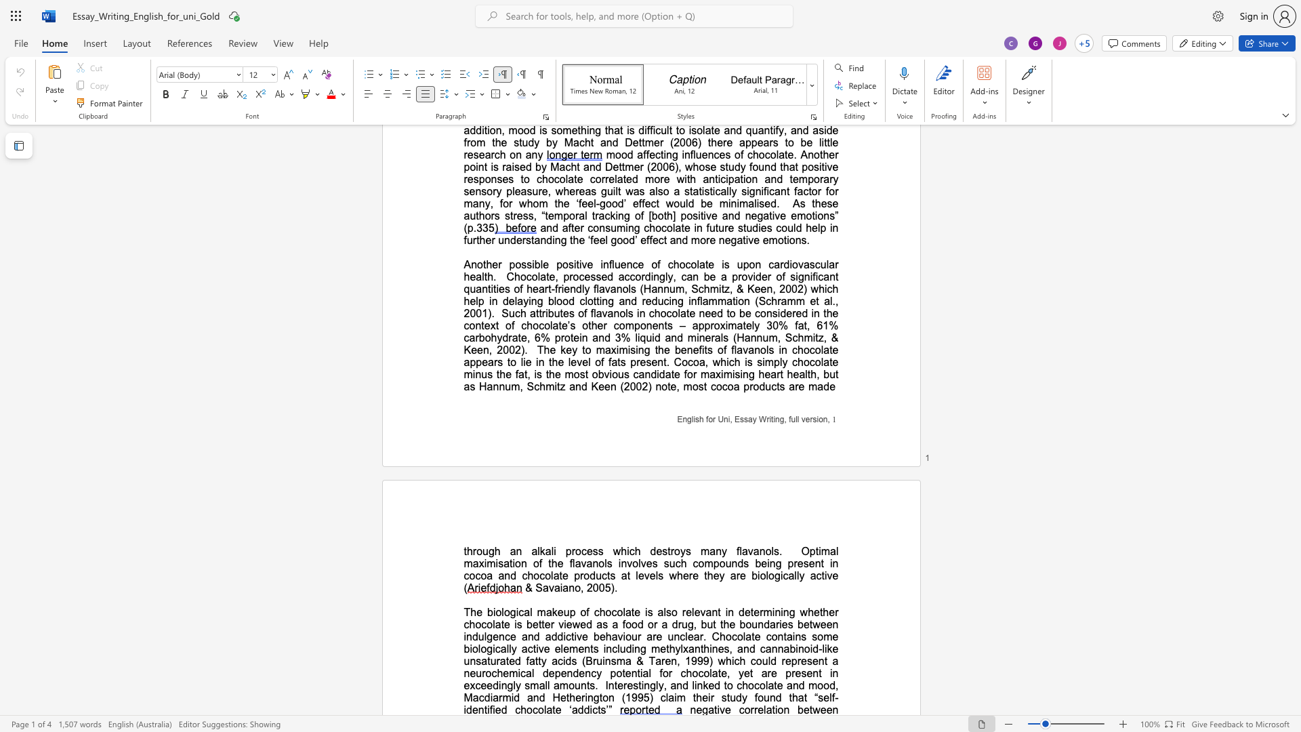  Describe the element at coordinates (699, 418) in the screenshot. I see `the space between the continuous character "s" and "h" in the text` at that location.